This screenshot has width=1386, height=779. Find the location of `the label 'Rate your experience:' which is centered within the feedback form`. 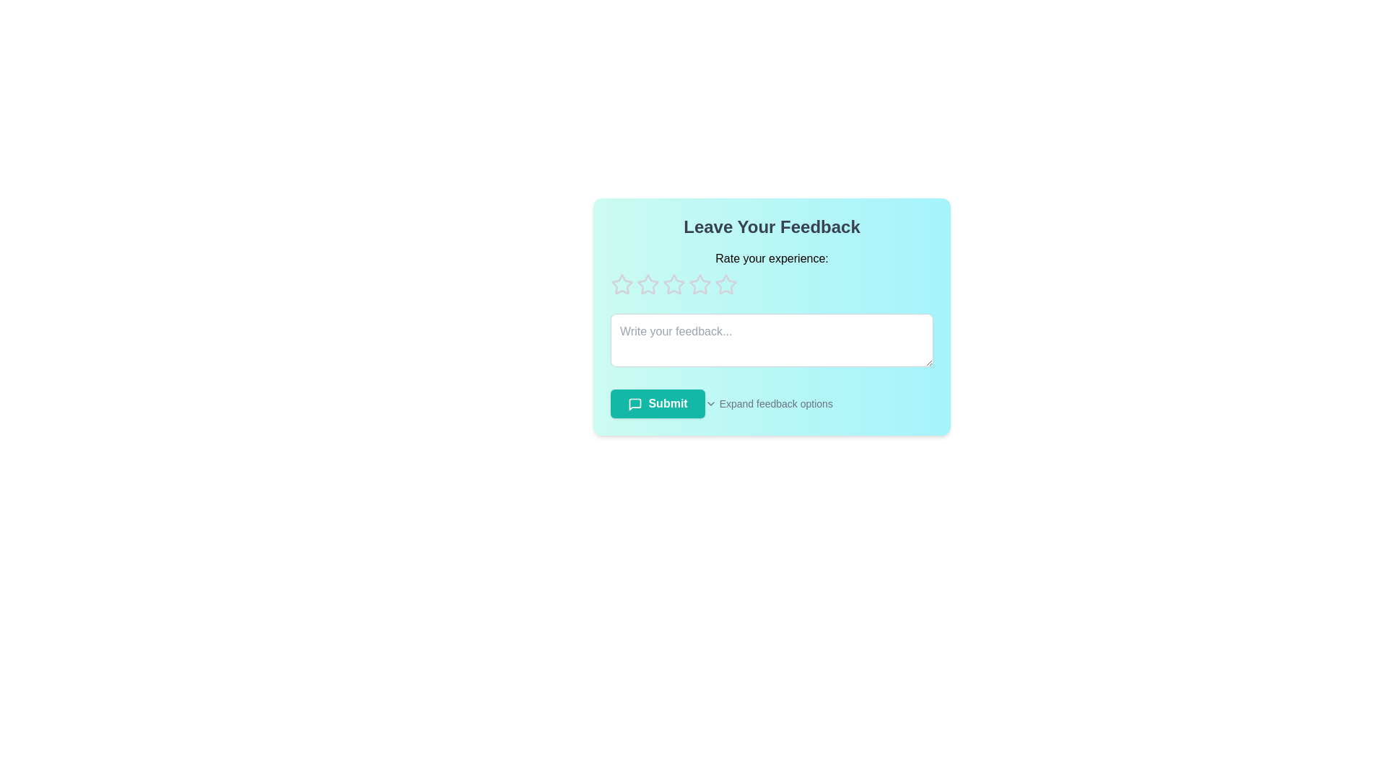

the label 'Rate your experience:' which is centered within the feedback form is located at coordinates (771, 258).